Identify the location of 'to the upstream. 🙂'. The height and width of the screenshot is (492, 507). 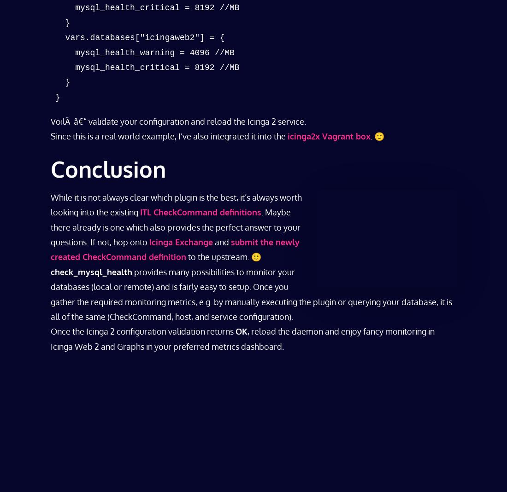
(224, 257).